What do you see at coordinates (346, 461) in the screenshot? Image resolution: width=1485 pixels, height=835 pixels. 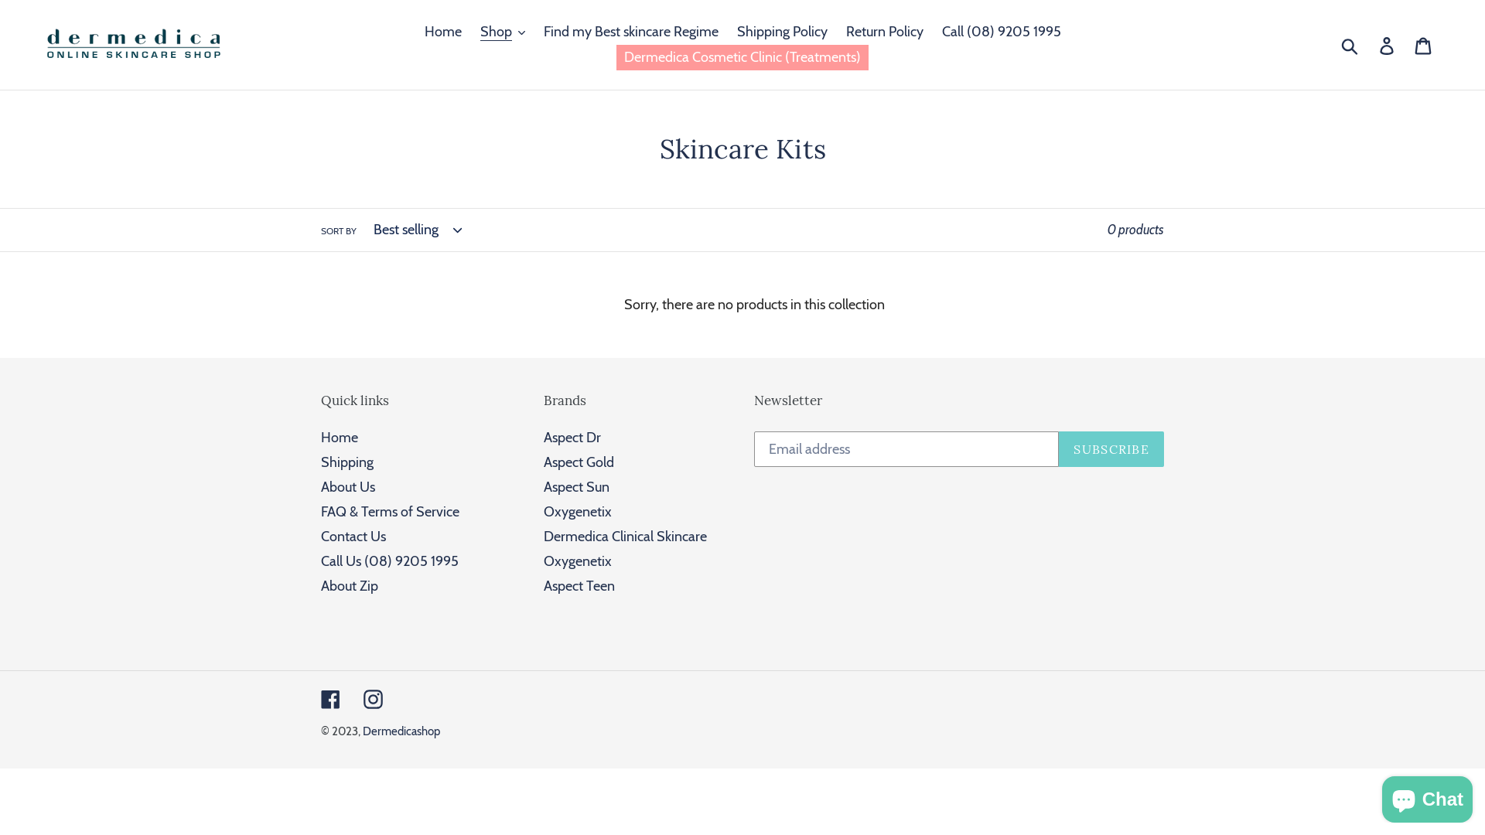 I see `'Shipping'` at bounding box center [346, 461].